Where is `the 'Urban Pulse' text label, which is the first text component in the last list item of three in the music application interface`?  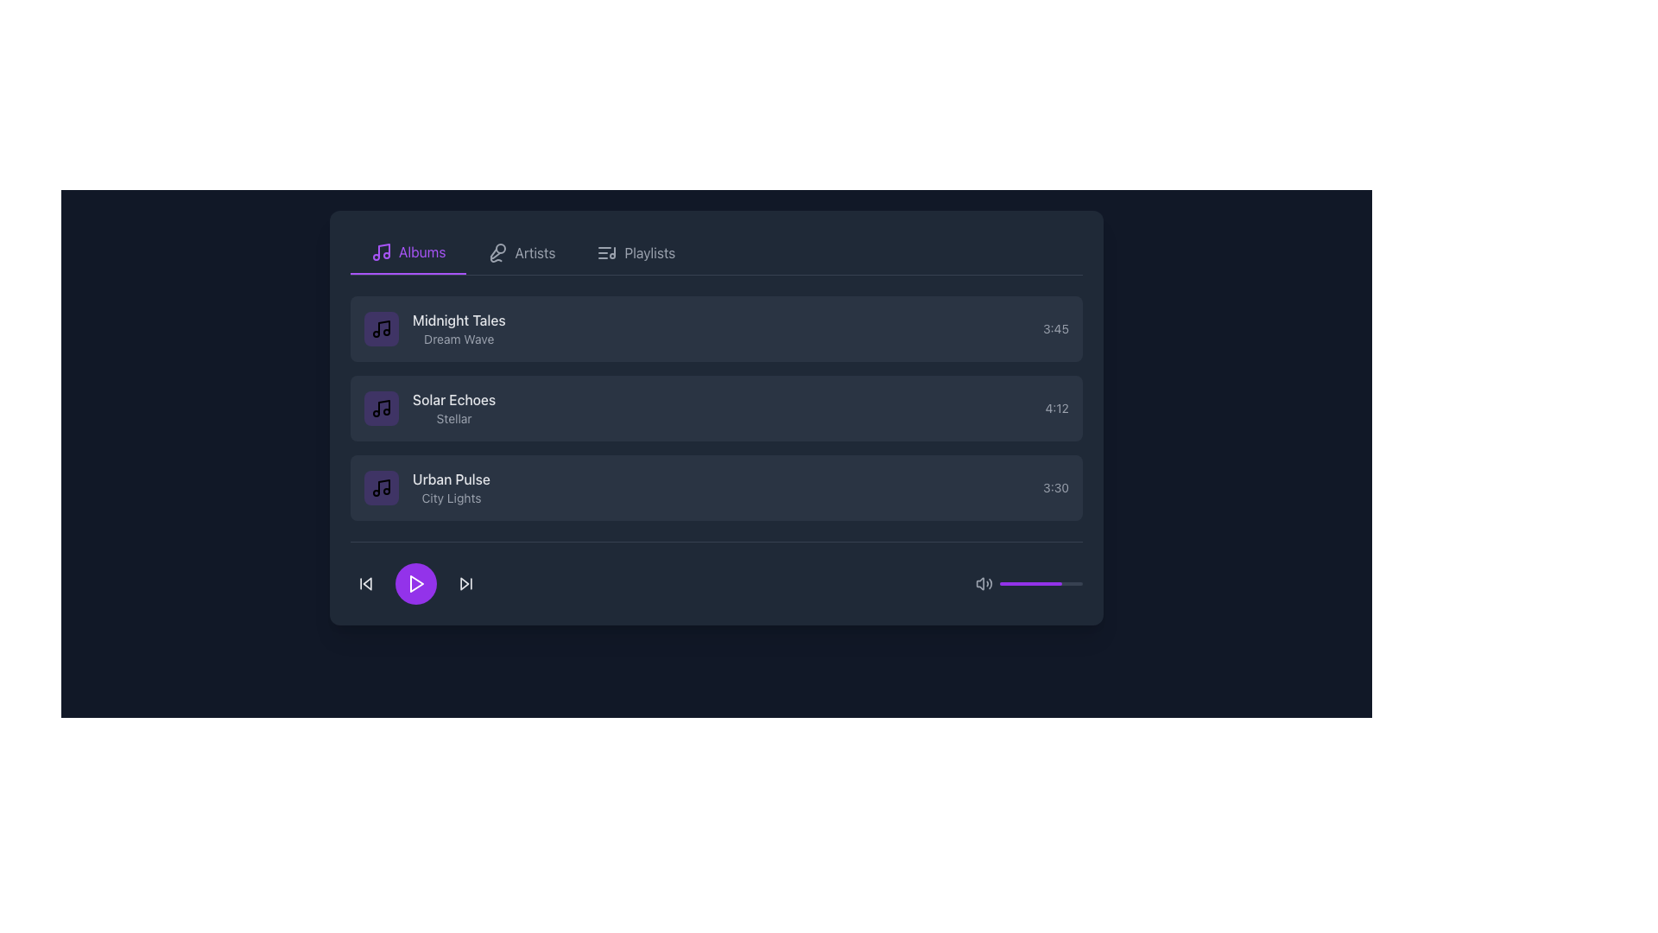
the 'Urban Pulse' text label, which is the first text component in the last list item of three in the music application interface is located at coordinates (452, 479).